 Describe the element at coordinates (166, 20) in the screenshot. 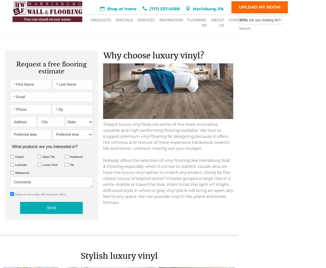

I see `'Harrisburg, PA'` at that location.